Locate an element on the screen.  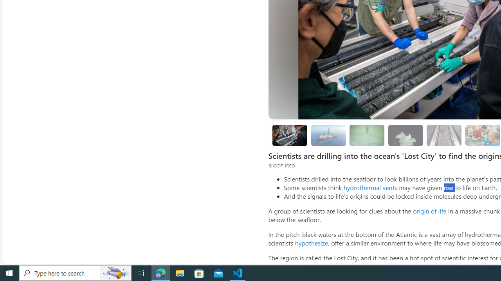
'Class: progress' is located at coordinates (444, 133).